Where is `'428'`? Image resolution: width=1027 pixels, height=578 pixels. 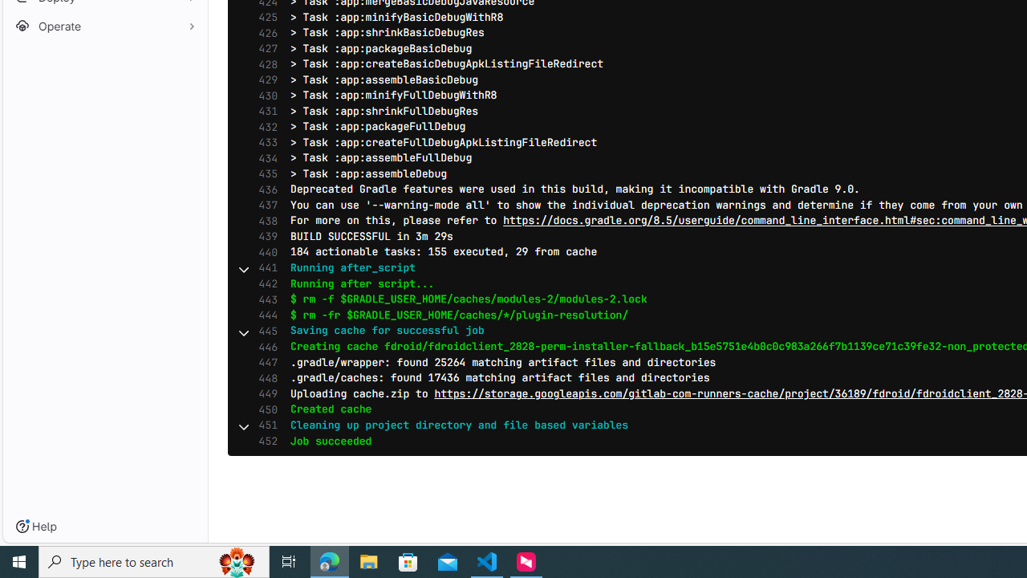
'428' is located at coordinates (264, 63).